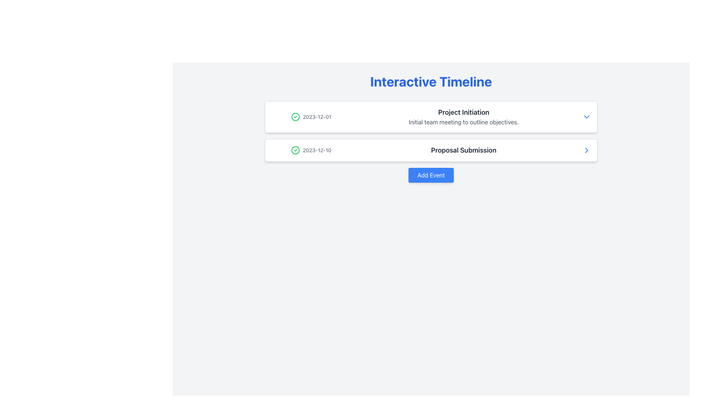  Describe the element at coordinates (317, 117) in the screenshot. I see `the date text label associated with the first timeline entry, which is located adjacent to the green checkmark icon` at that location.